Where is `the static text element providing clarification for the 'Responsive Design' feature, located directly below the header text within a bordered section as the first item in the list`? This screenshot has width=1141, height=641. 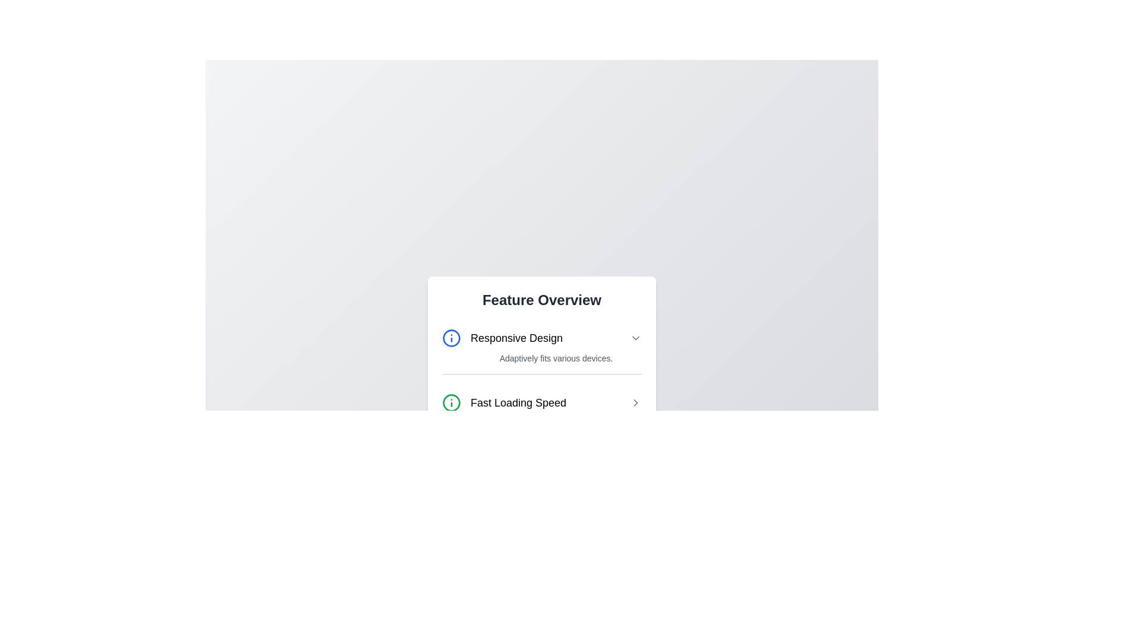
the static text element providing clarification for the 'Responsive Design' feature, located directly below the header text within a bordered section as the first item in the list is located at coordinates (541, 357).